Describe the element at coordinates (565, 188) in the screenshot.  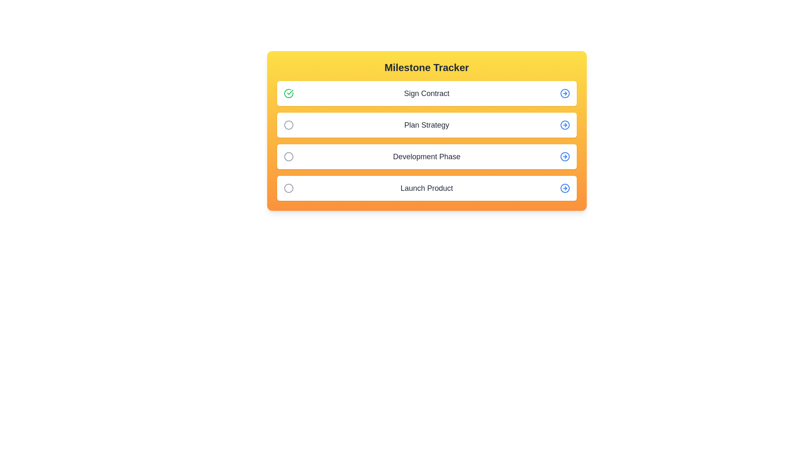
I see `the Circular navigation icon with arrow located at the right end of the row labeled 'Launch Product'` at that location.